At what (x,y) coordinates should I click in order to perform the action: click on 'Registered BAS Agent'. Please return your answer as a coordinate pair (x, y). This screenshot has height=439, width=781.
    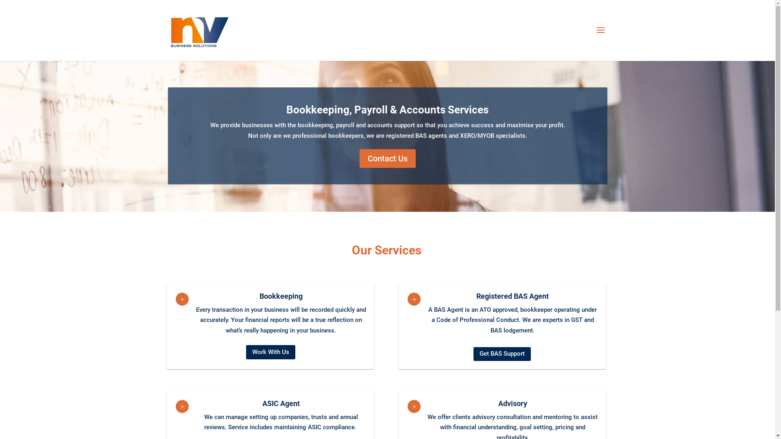
    Looking at the image, I should click on (512, 296).